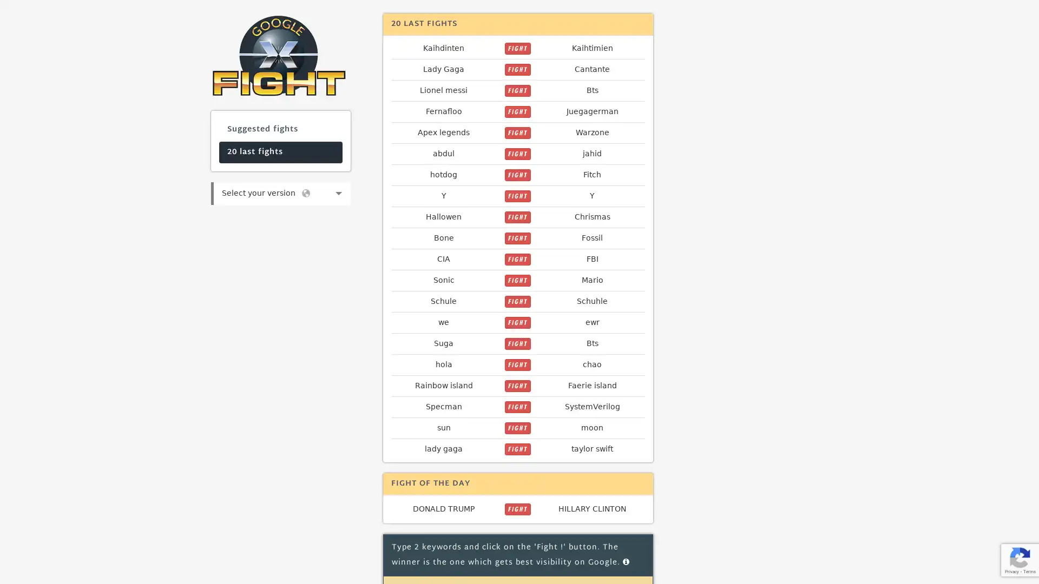  I want to click on FIGHT, so click(517, 132).